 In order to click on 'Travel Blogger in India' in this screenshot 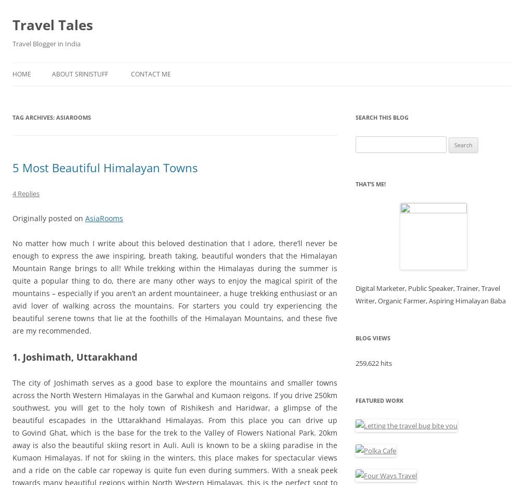, I will do `click(46, 43)`.